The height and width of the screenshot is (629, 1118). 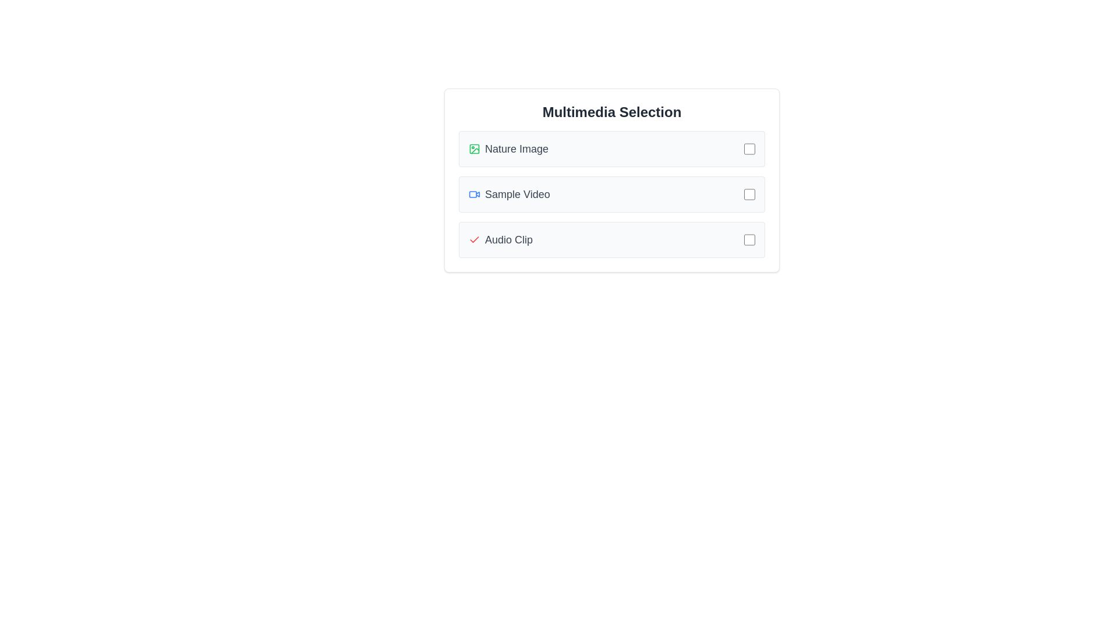 What do you see at coordinates (749, 148) in the screenshot?
I see `the checkbox for the 'Nature Image' multimedia option by moving the cursor to its center point for keyboard interaction` at bounding box center [749, 148].